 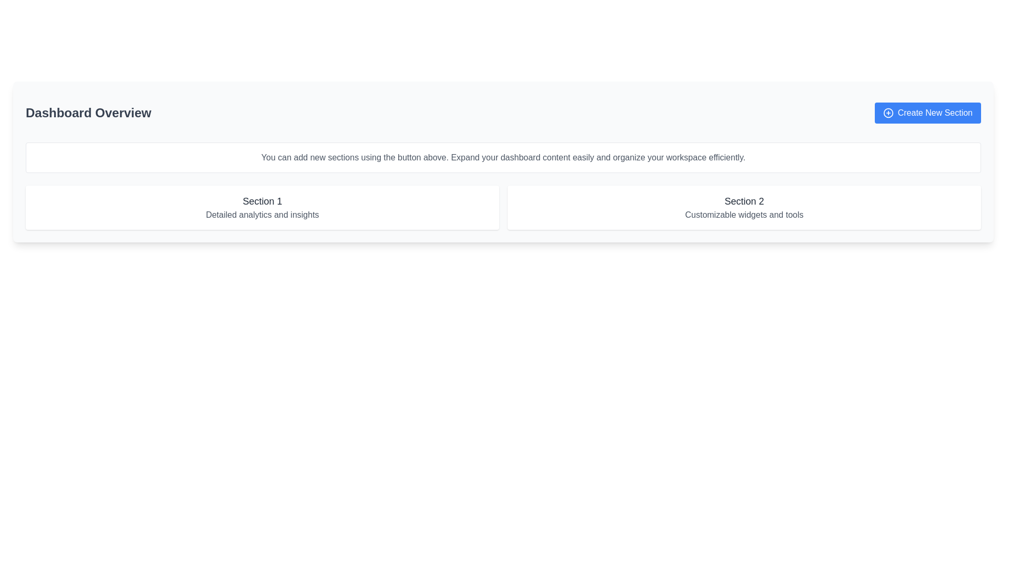 I want to click on the Text Label that serves as a section heading, positioned in the right section of a two-column layout, directly above the text 'Customizable widgets and tools', so click(x=744, y=201).